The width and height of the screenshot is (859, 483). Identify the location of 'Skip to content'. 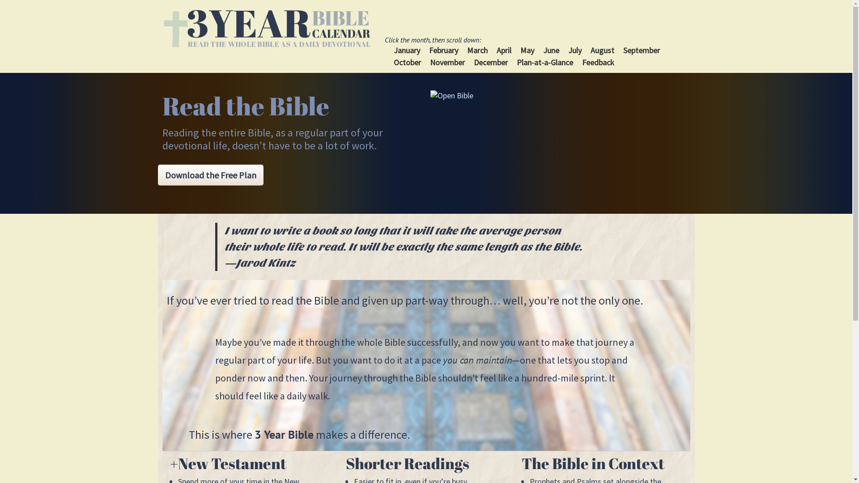
(408, 39).